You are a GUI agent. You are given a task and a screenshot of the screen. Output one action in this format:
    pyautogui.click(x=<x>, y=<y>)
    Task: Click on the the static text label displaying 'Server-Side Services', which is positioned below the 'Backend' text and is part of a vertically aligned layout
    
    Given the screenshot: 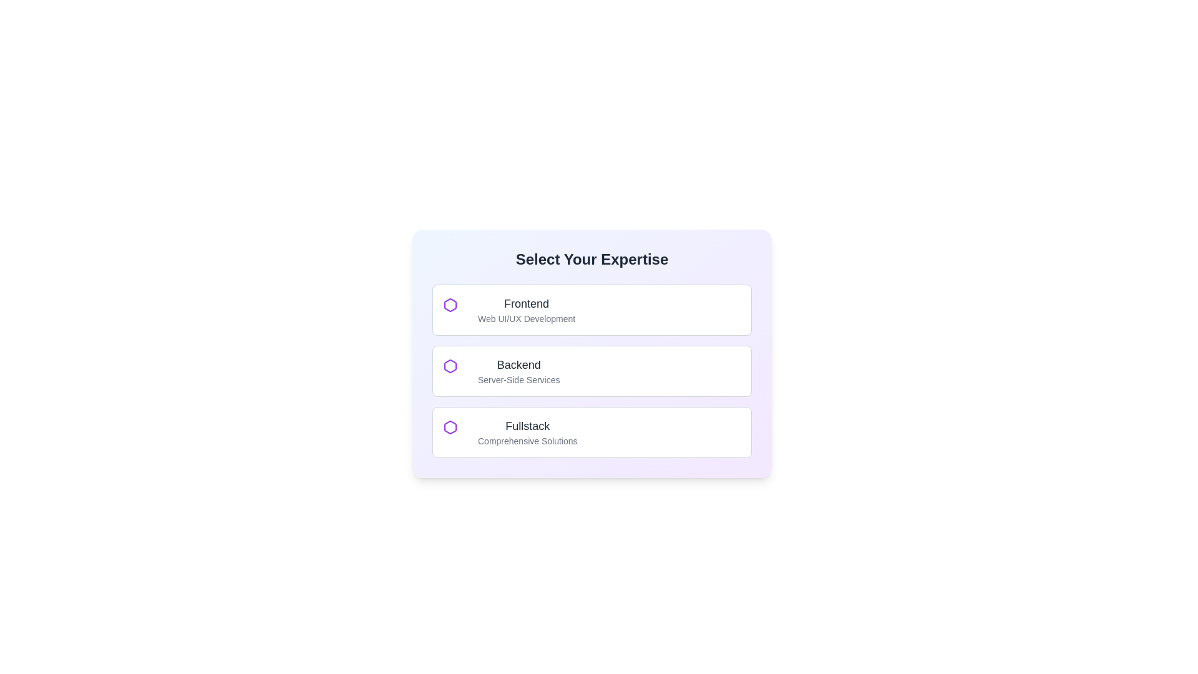 What is the action you would take?
    pyautogui.click(x=519, y=379)
    